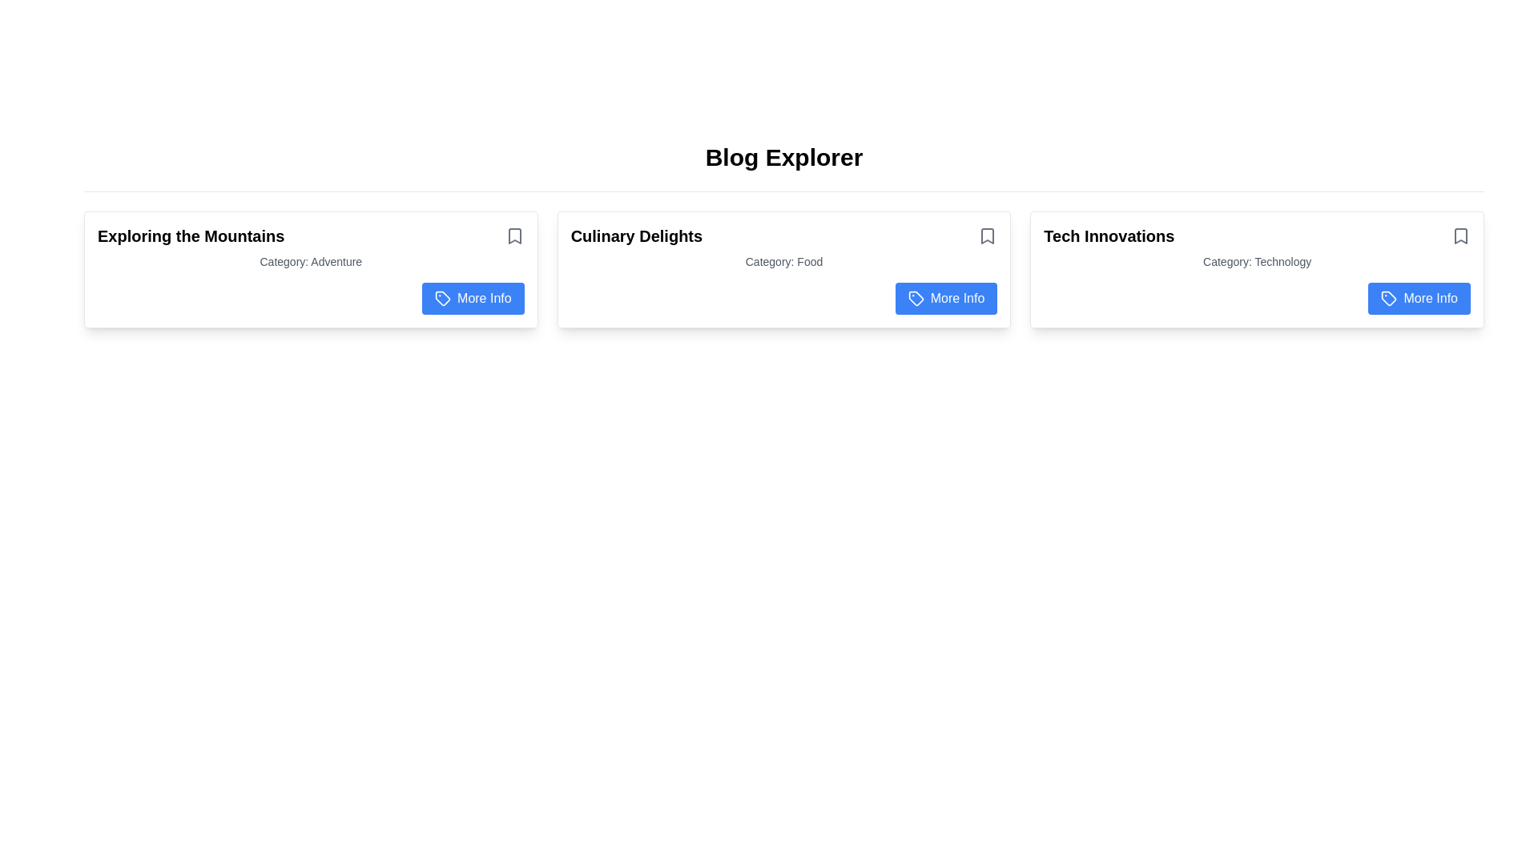 This screenshot has height=865, width=1538. What do you see at coordinates (784, 157) in the screenshot?
I see `text of the header or title positioned at the center of the topmost section of the page` at bounding box center [784, 157].